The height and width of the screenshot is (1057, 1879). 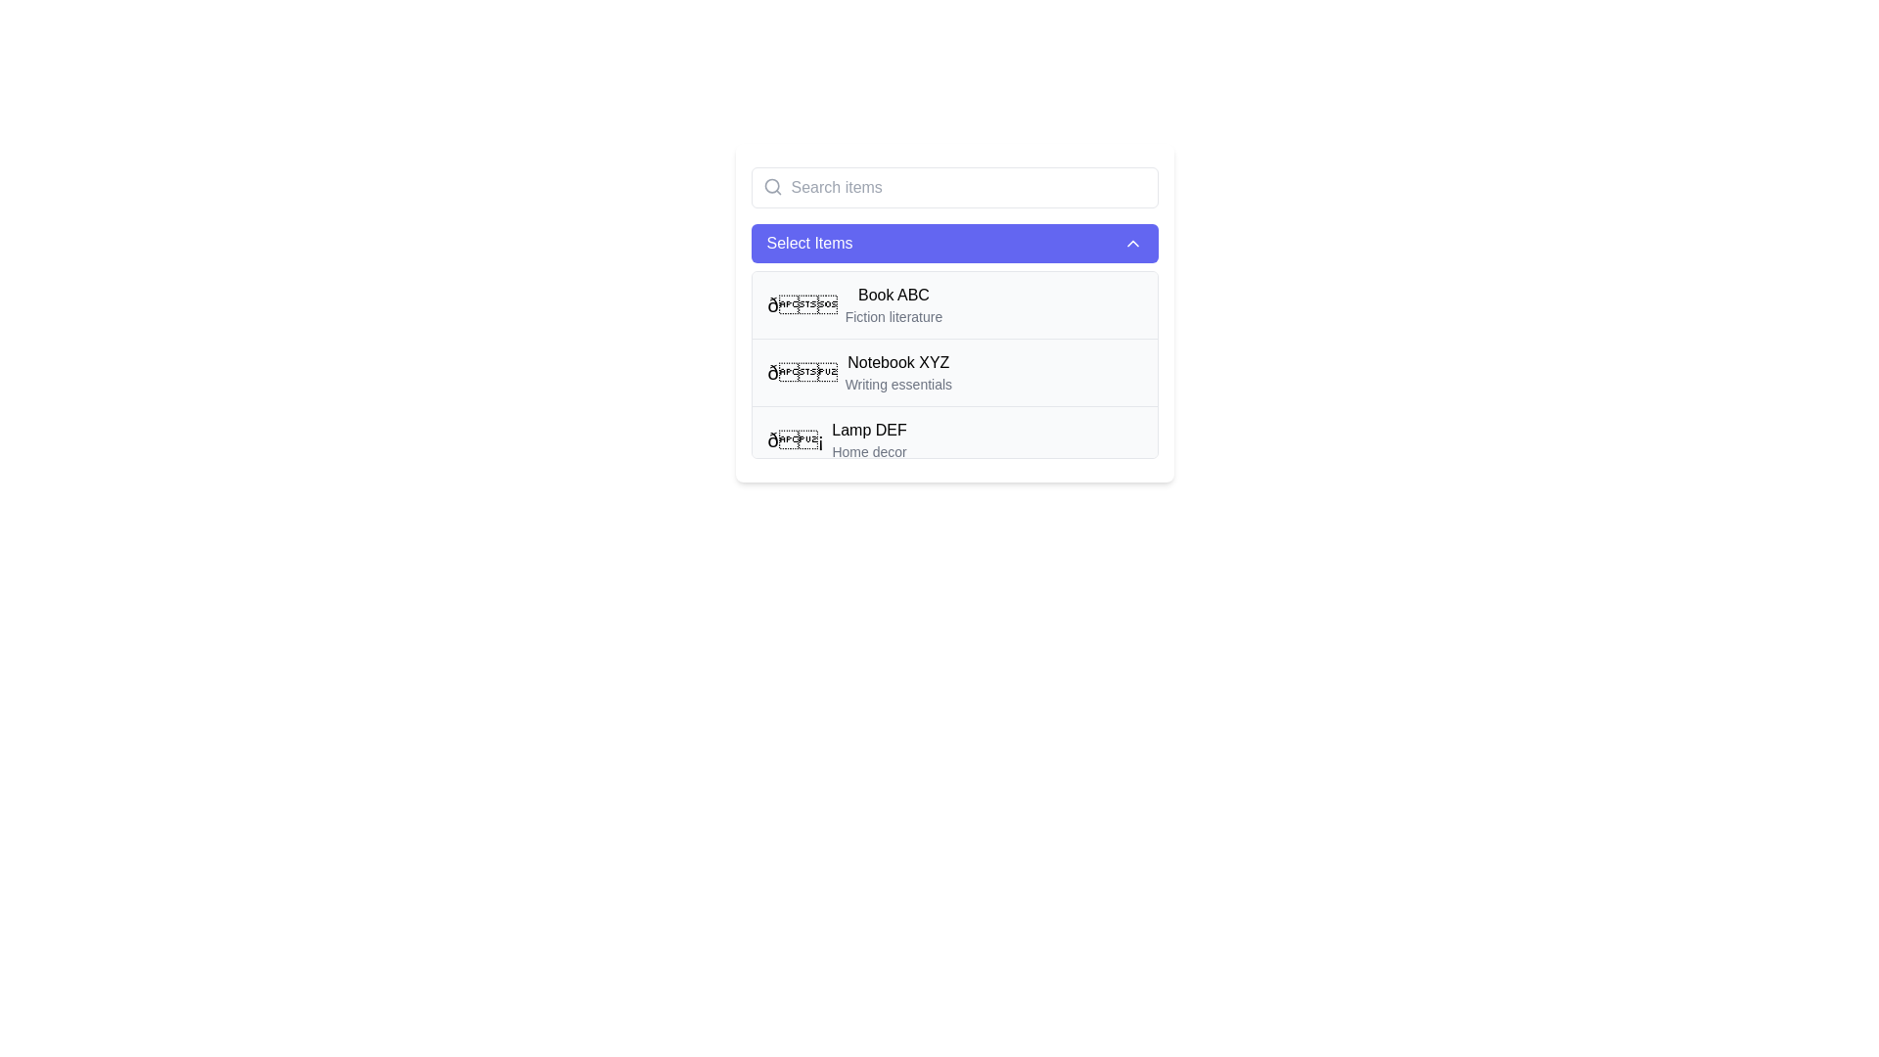 What do you see at coordinates (868, 452) in the screenshot?
I see `the text label 'Home decor', which is a small gray font subtitle located below 'Lamp DEF' in a list item` at bounding box center [868, 452].